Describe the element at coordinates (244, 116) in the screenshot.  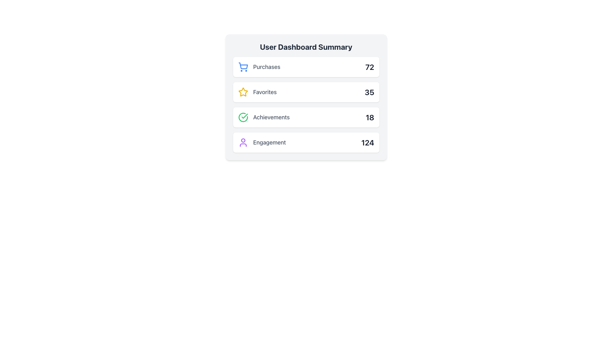
I see `the central checkmark component of the green-bordered circle icon located next to the text 'Achievements' in the dashboard summary` at that location.